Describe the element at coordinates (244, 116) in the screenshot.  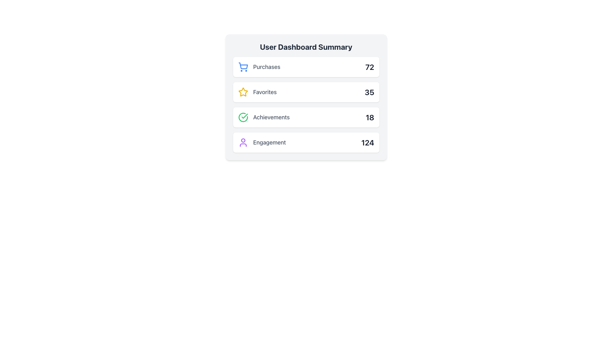
I see `the central checkmark component of the green-bordered circle icon located next to the text 'Achievements' in the dashboard summary` at that location.